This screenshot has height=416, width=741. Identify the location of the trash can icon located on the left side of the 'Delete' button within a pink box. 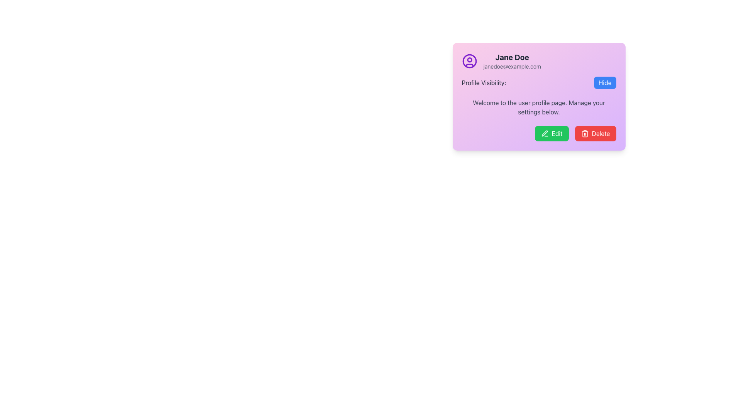
(585, 133).